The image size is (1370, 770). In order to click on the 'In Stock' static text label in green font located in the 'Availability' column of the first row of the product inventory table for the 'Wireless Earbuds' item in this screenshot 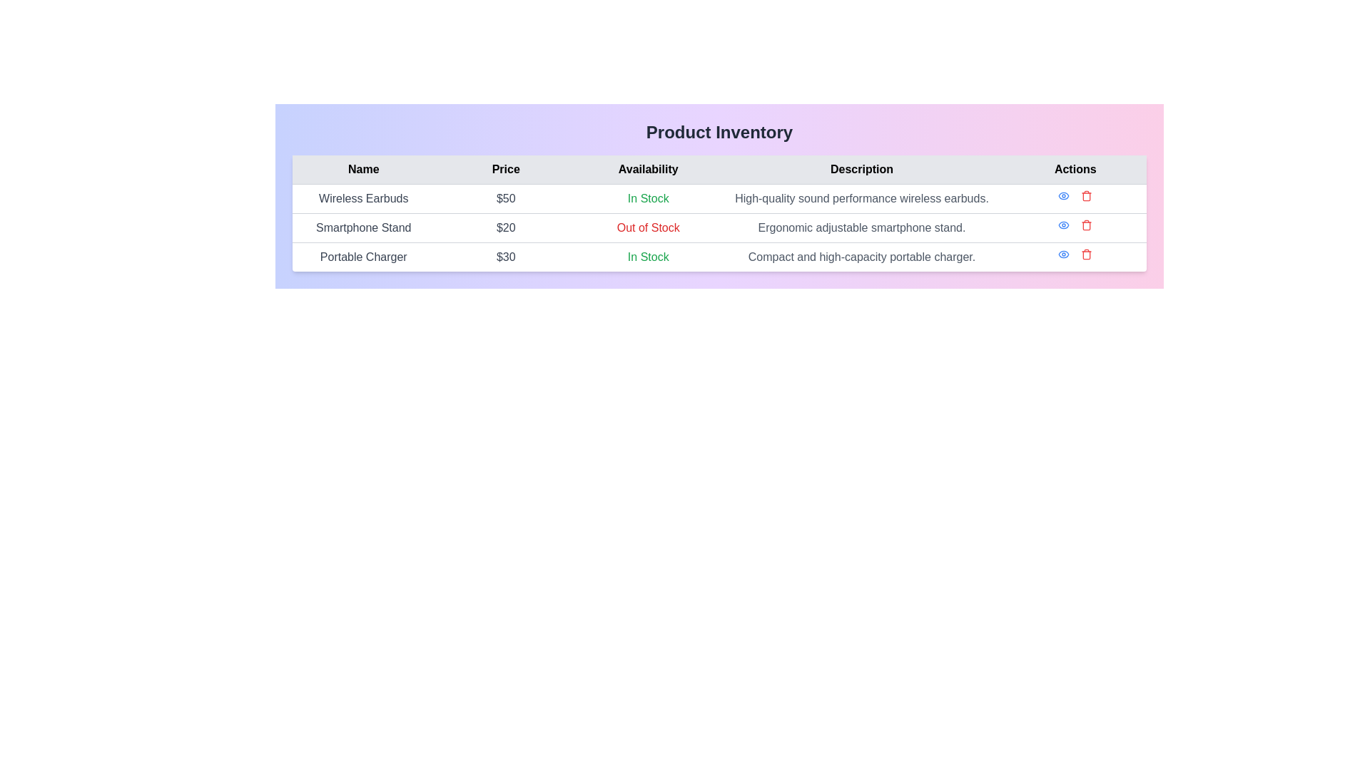, I will do `click(647, 198)`.